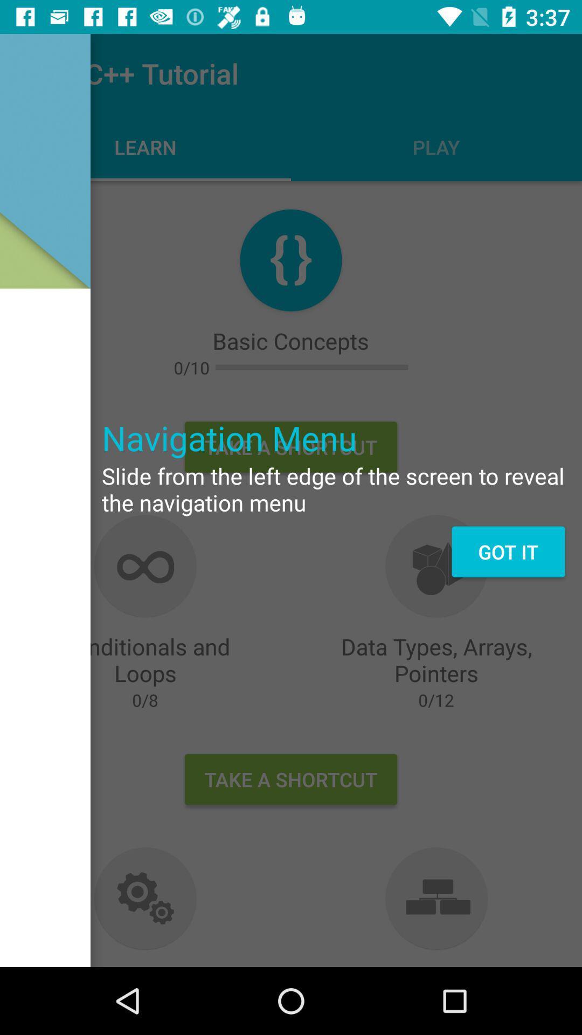 The width and height of the screenshot is (582, 1035). What do you see at coordinates (508, 551) in the screenshot?
I see `icon on the right` at bounding box center [508, 551].